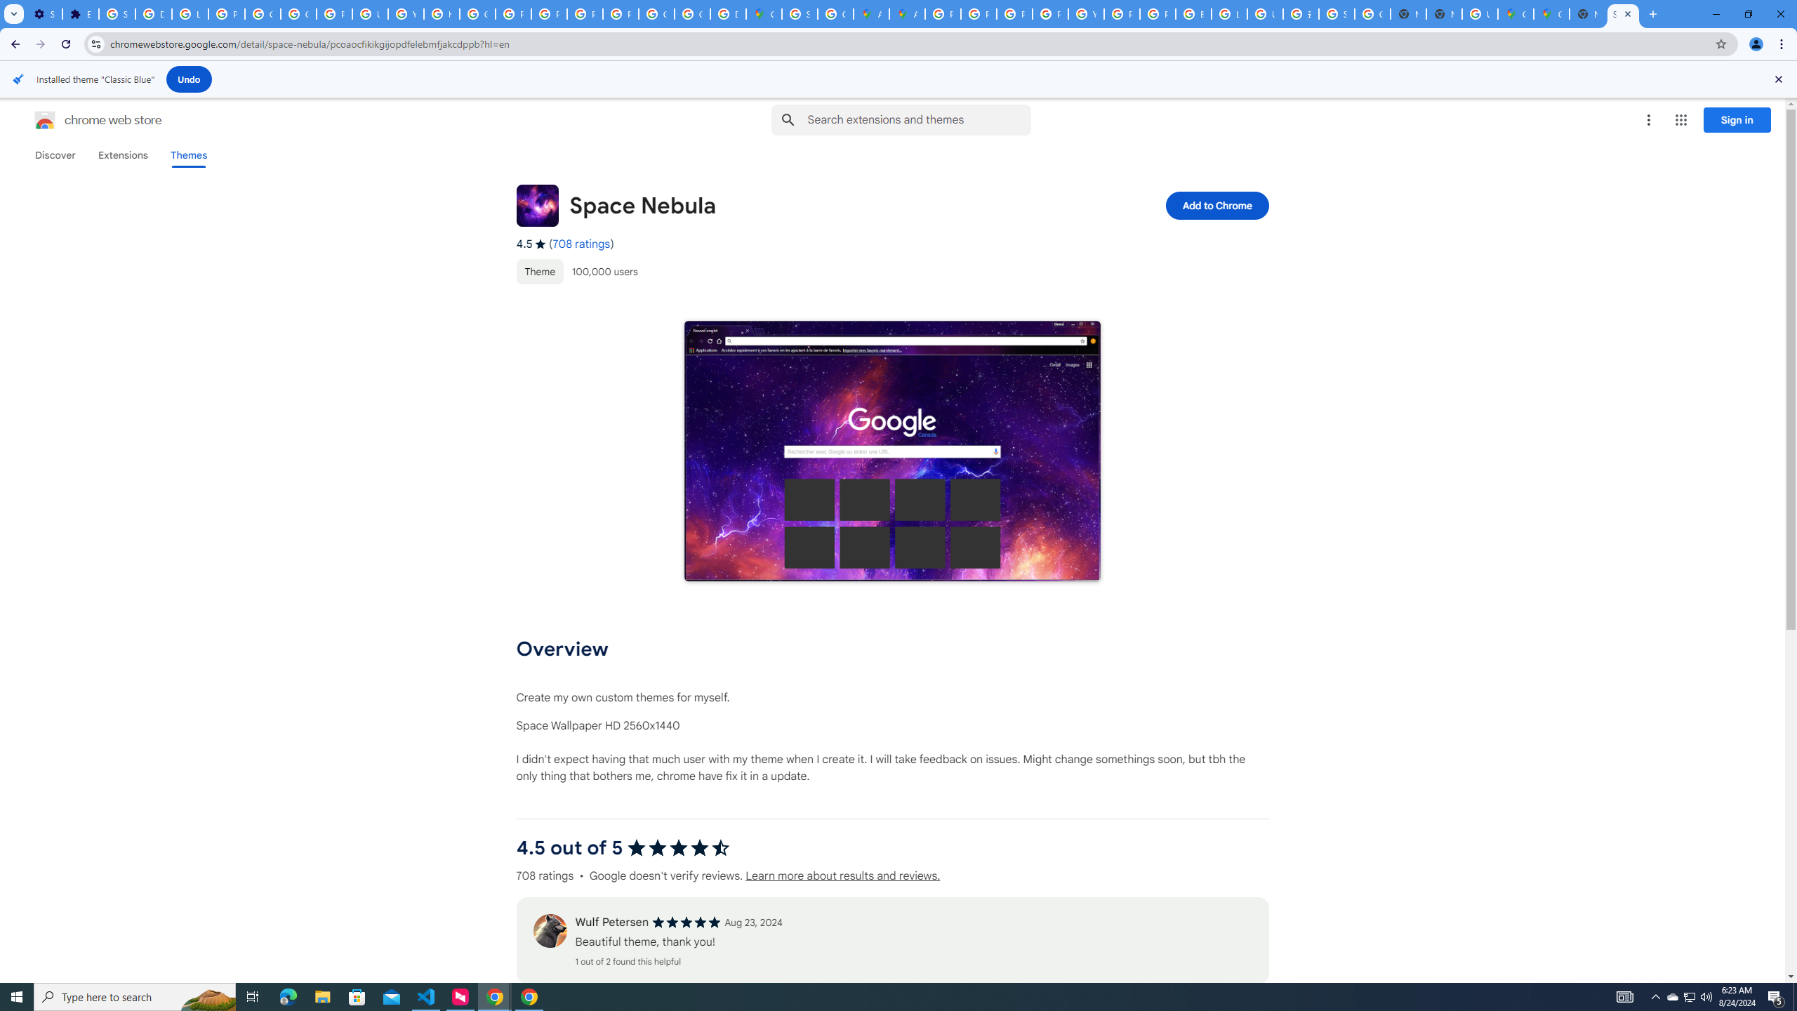  What do you see at coordinates (123, 155) in the screenshot?
I see `'Extensions'` at bounding box center [123, 155].